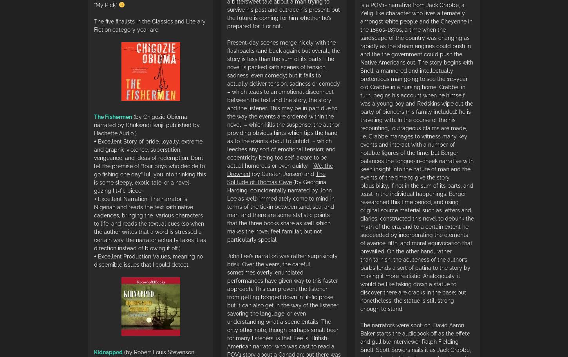 This screenshot has height=357, width=568. I want to click on 'The five finalists in the Classics and Literary Fiction category year are:', so click(149, 25).